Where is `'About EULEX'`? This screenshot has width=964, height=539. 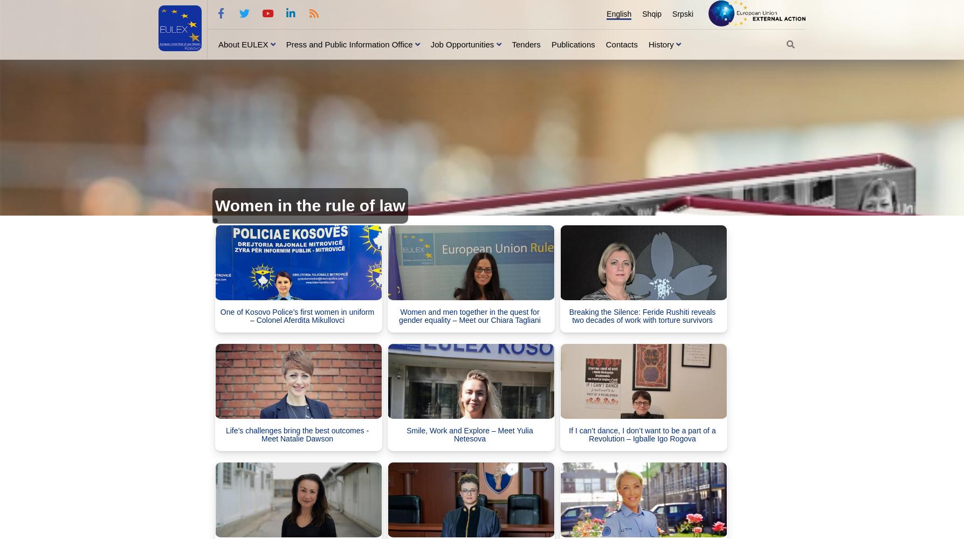 'About EULEX' is located at coordinates (243, 43).